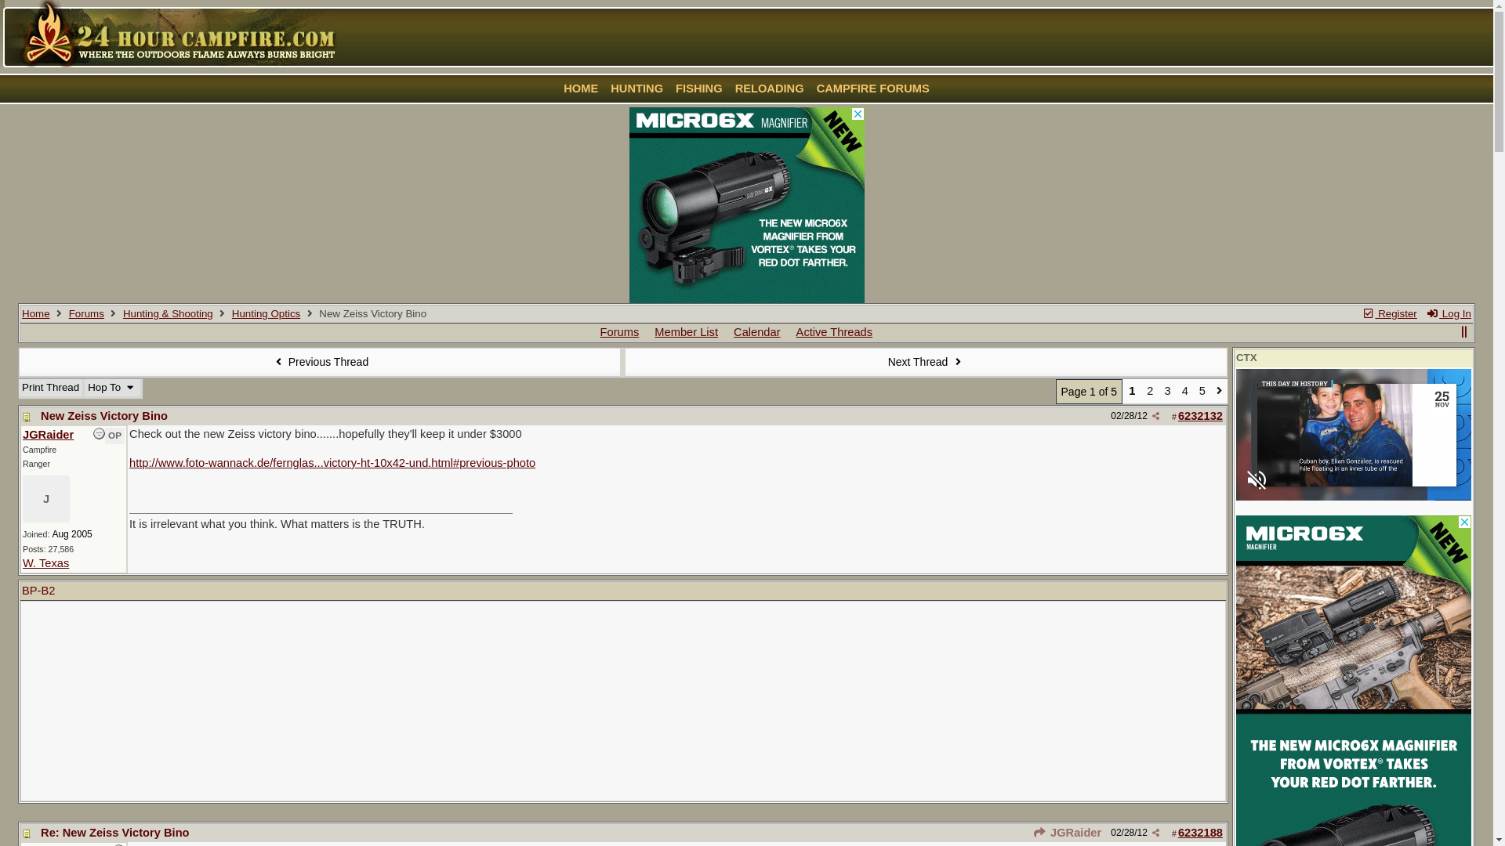  What do you see at coordinates (925, 362) in the screenshot?
I see `'Next Thread'` at bounding box center [925, 362].